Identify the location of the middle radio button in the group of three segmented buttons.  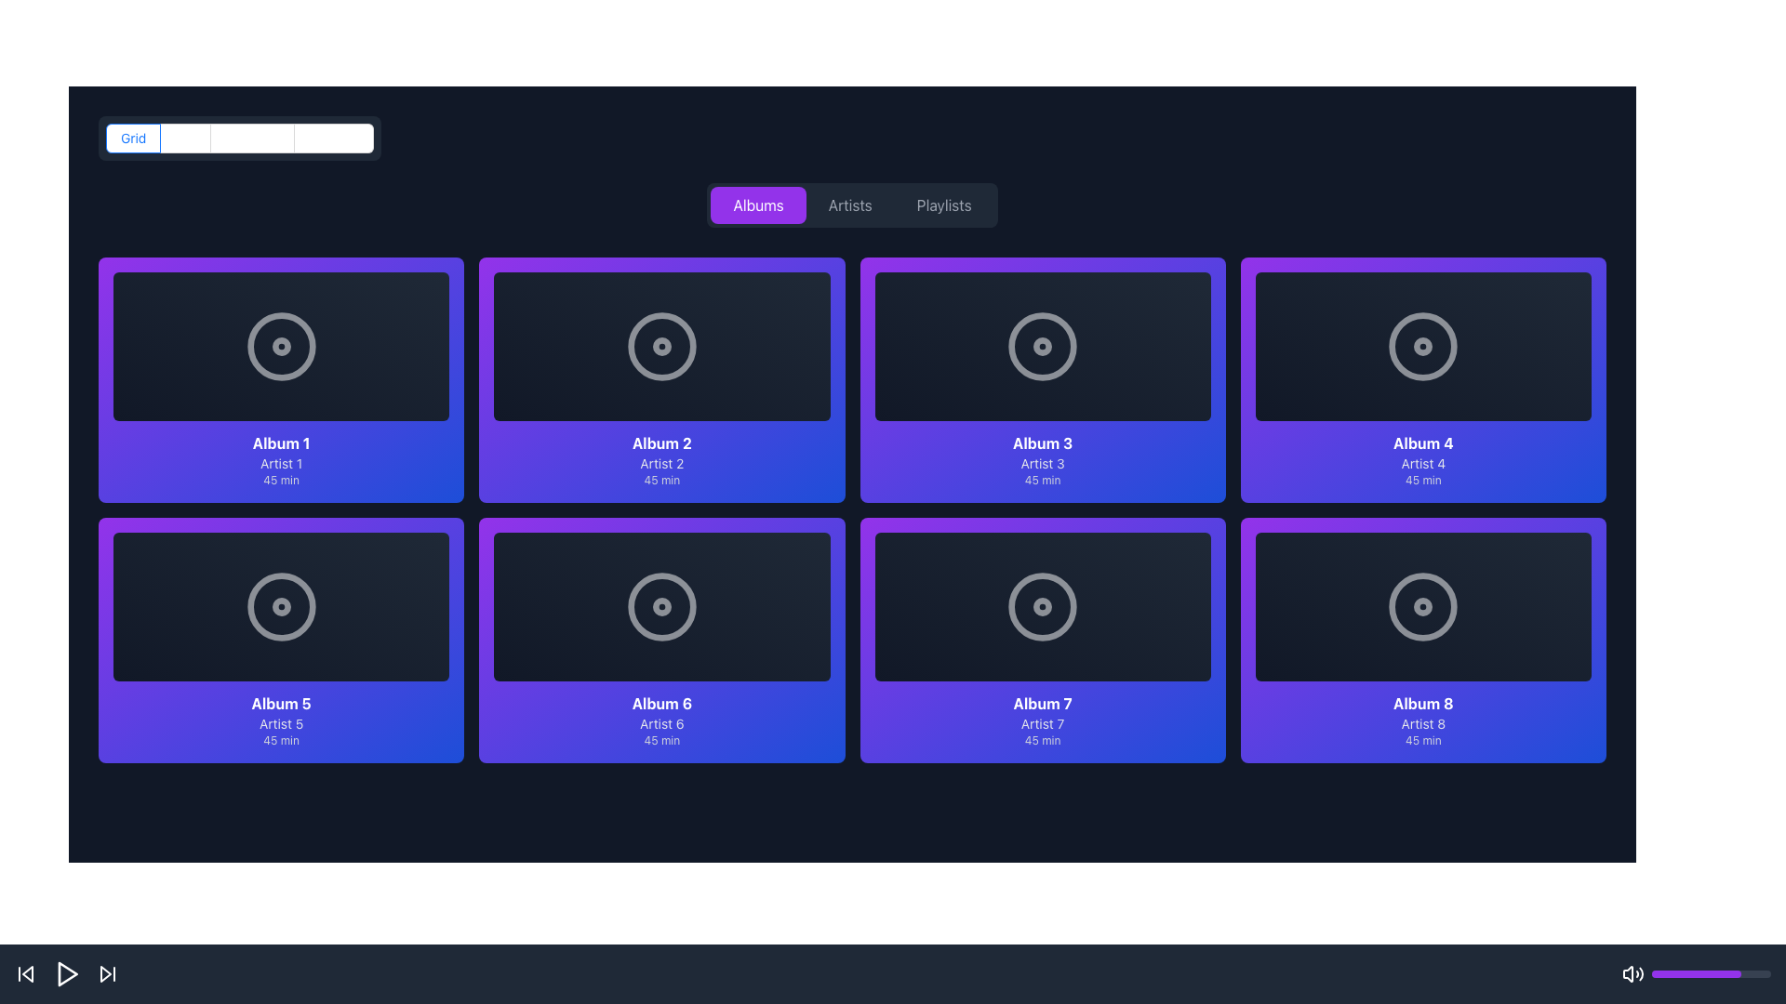
(185, 138).